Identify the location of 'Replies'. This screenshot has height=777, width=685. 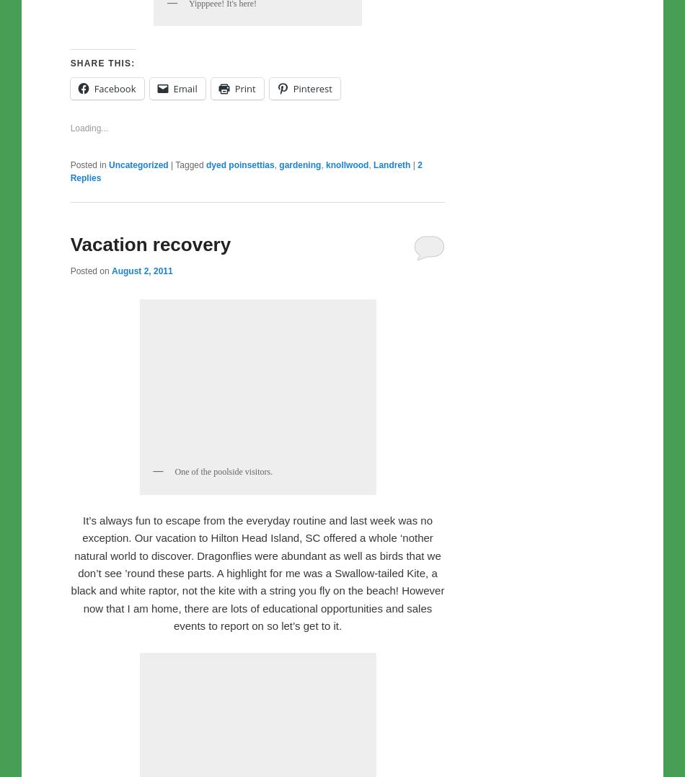
(85, 479).